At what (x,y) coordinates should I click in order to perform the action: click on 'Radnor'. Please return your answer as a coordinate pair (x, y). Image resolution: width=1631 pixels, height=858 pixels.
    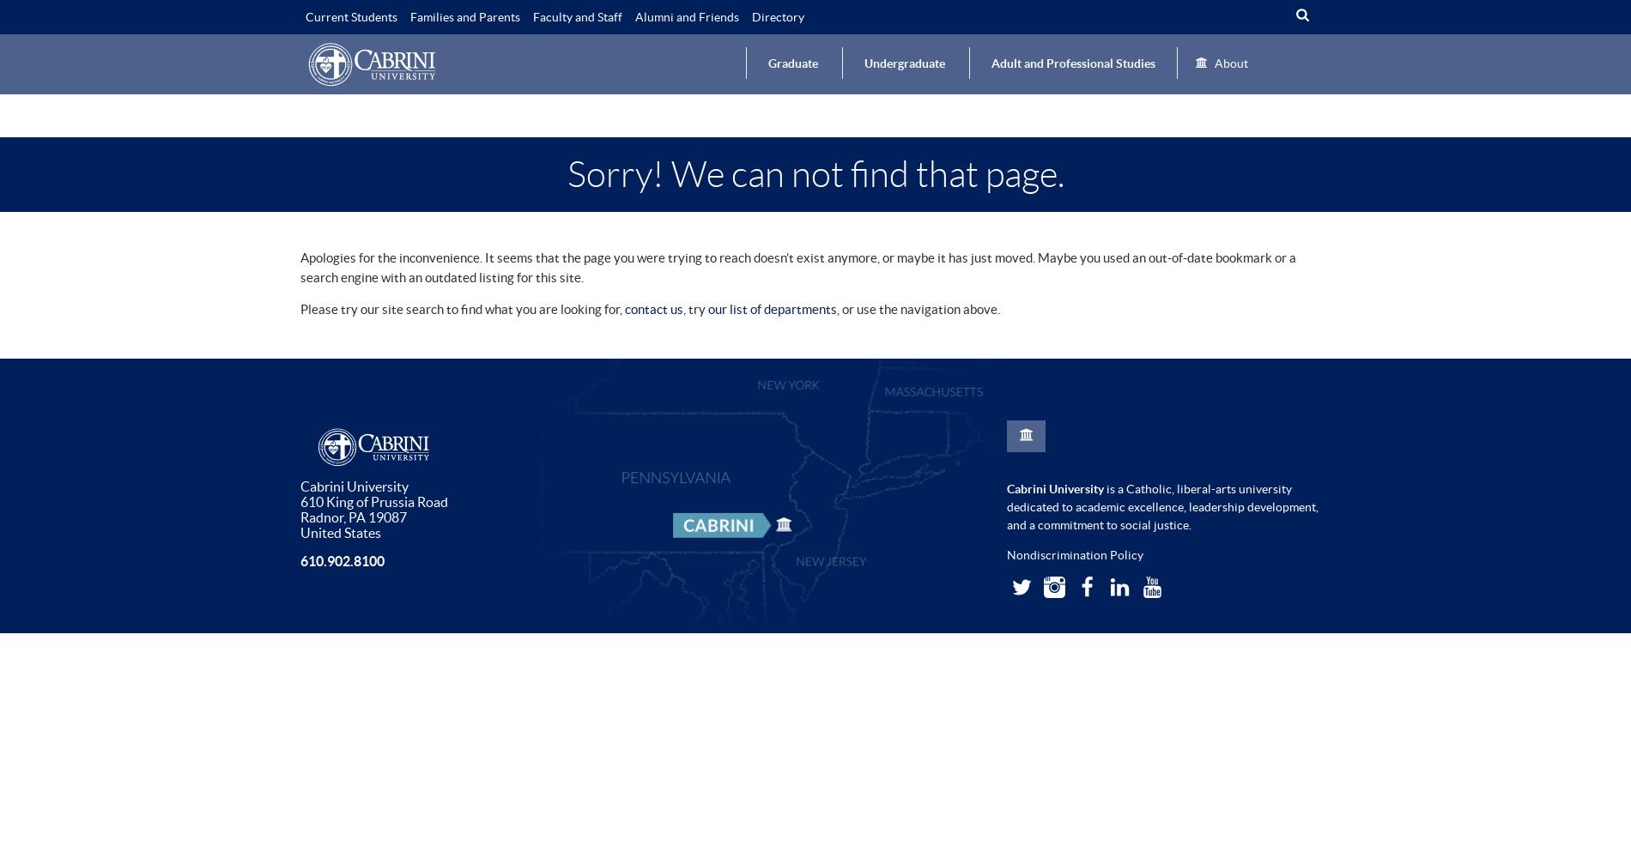
    Looking at the image, I should click on (299, 516).